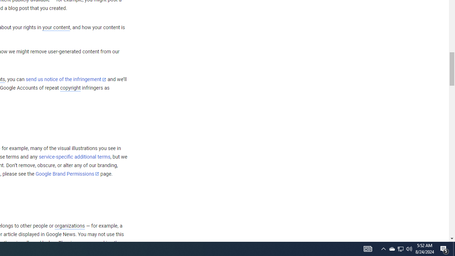 The width and height of the screenshot is (455, 256). Describe the element at coordinates (70, 88) in the screenshot. I see `'copyright'` at that location.